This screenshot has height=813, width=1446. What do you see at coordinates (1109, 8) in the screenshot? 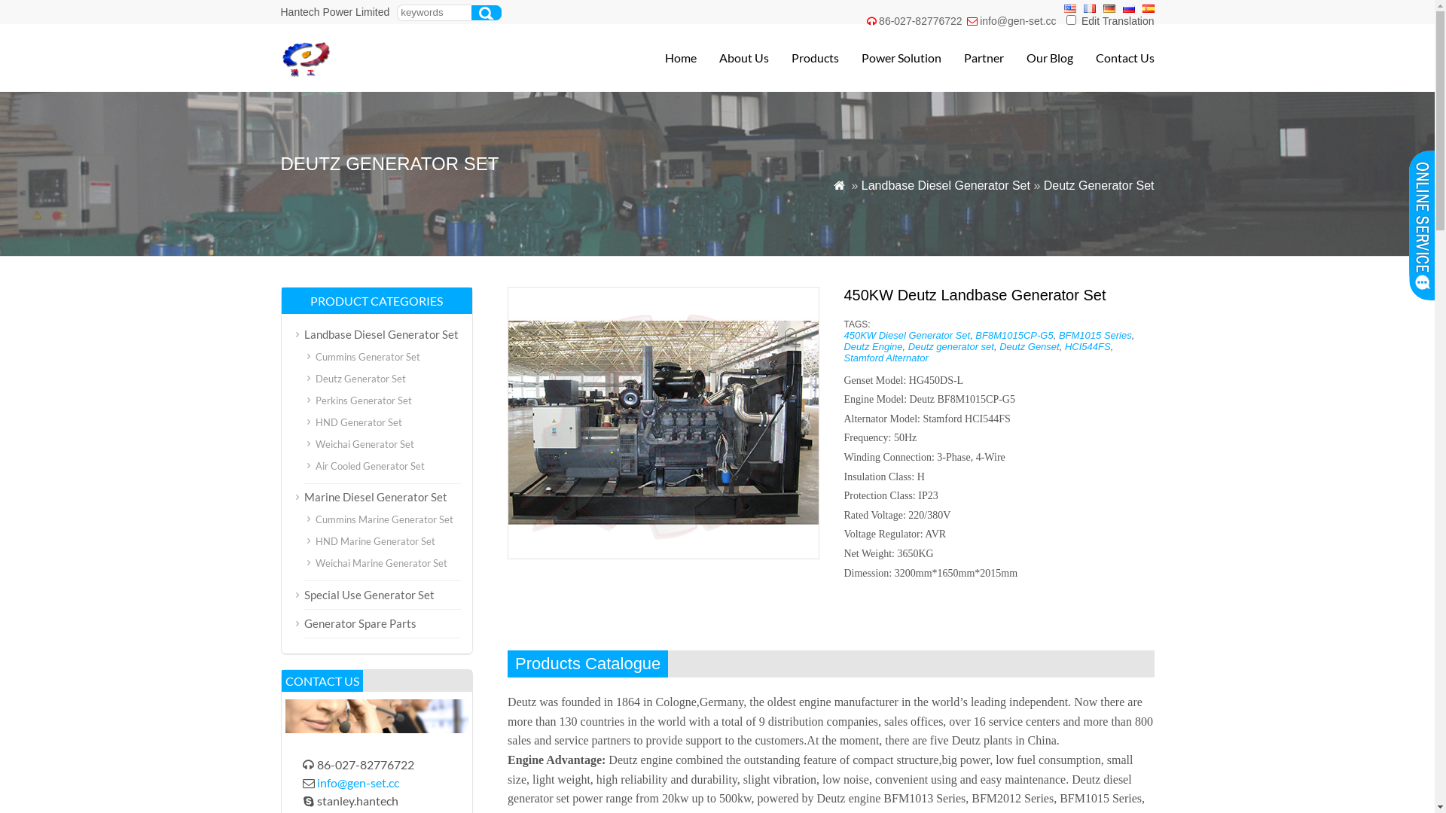
I see `'Deutsch'` at bounding box center [1109, 8].